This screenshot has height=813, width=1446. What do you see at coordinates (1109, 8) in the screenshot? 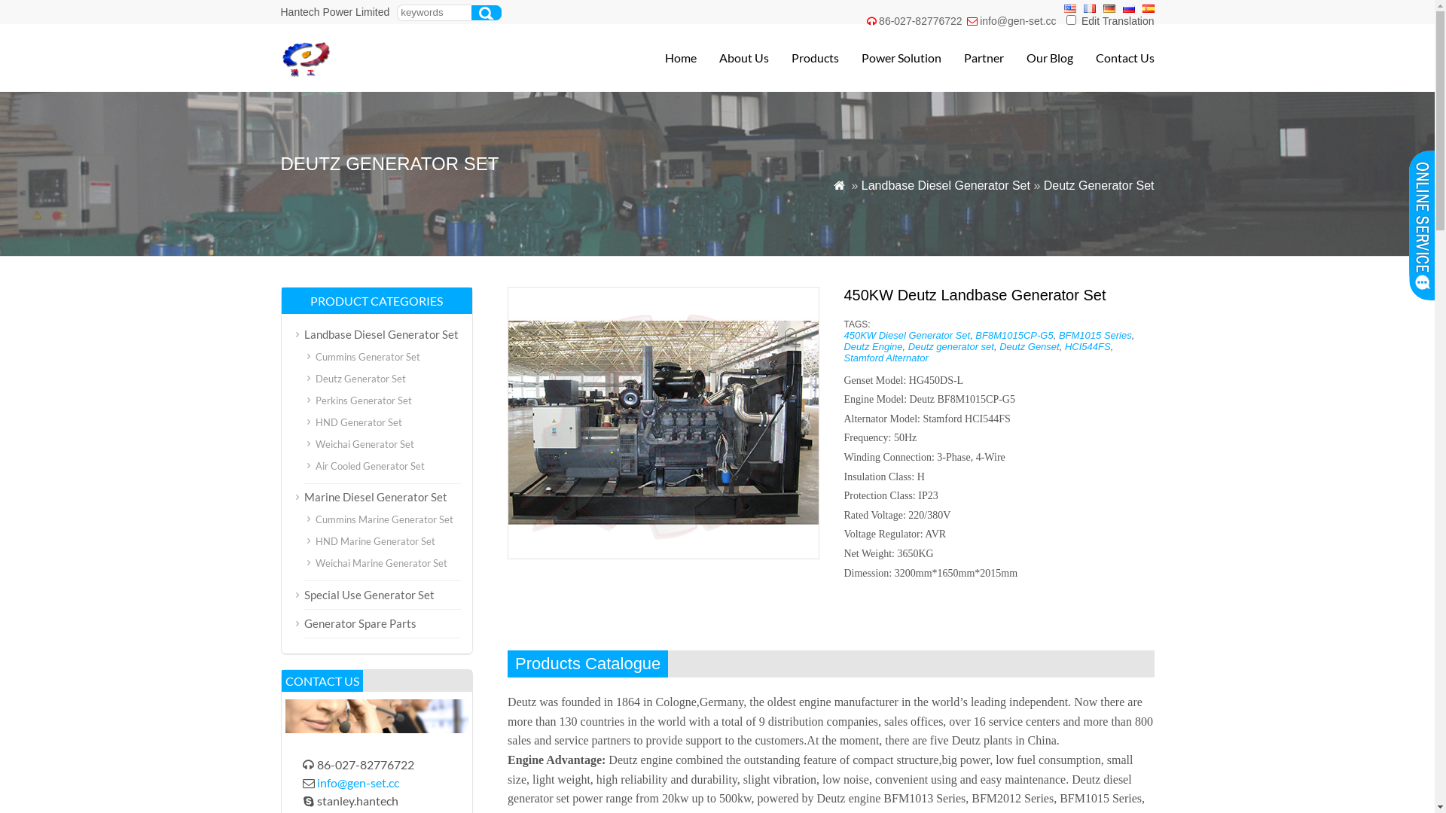
I see `'Deutsch'` at bounding box center [1109, 8].